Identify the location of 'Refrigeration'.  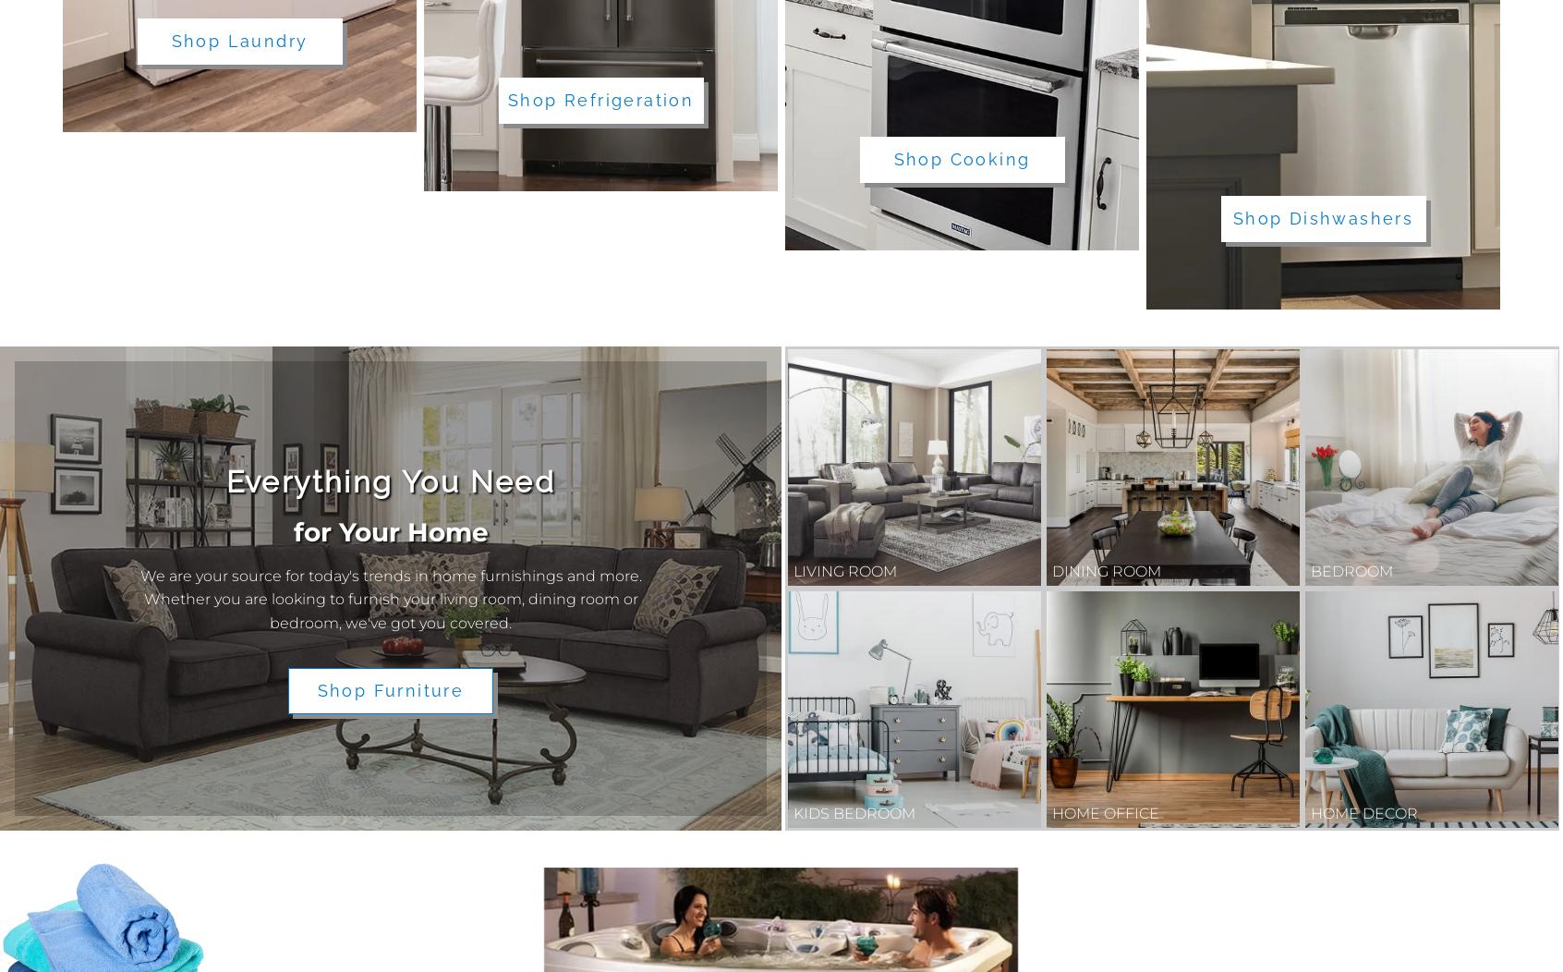
(624, 99).